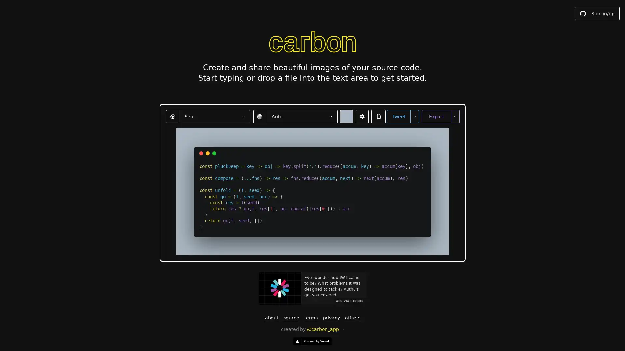  Describe the element at coordinates (454, 116) in the screenshot. I see `Export menu dropdown` at that location.